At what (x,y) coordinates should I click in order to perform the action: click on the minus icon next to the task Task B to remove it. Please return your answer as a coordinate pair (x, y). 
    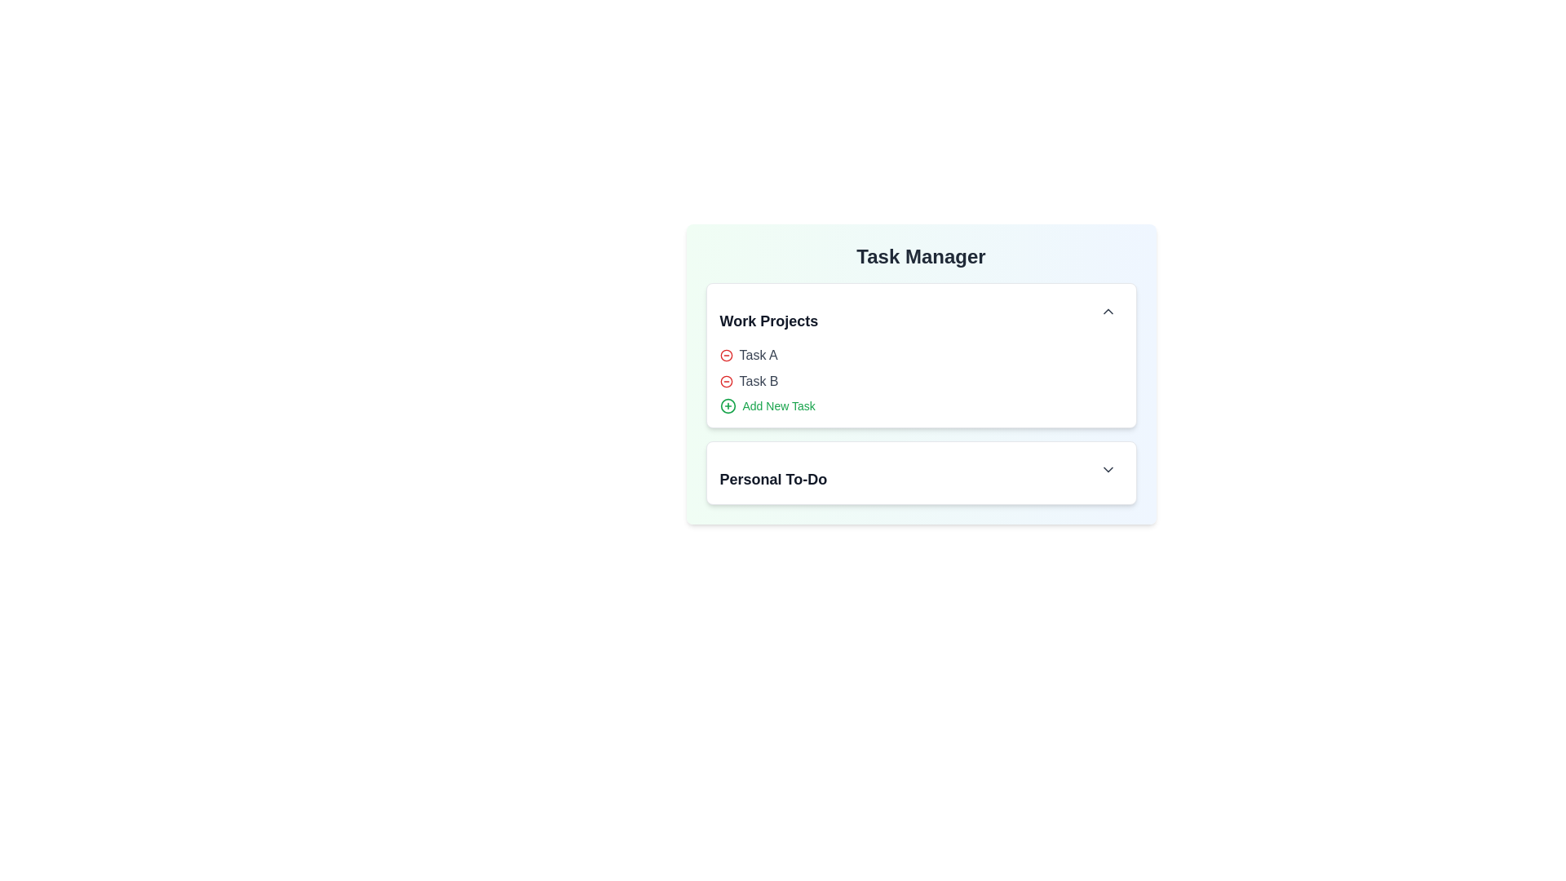
    Looking at the image, I should click on (725, 381).